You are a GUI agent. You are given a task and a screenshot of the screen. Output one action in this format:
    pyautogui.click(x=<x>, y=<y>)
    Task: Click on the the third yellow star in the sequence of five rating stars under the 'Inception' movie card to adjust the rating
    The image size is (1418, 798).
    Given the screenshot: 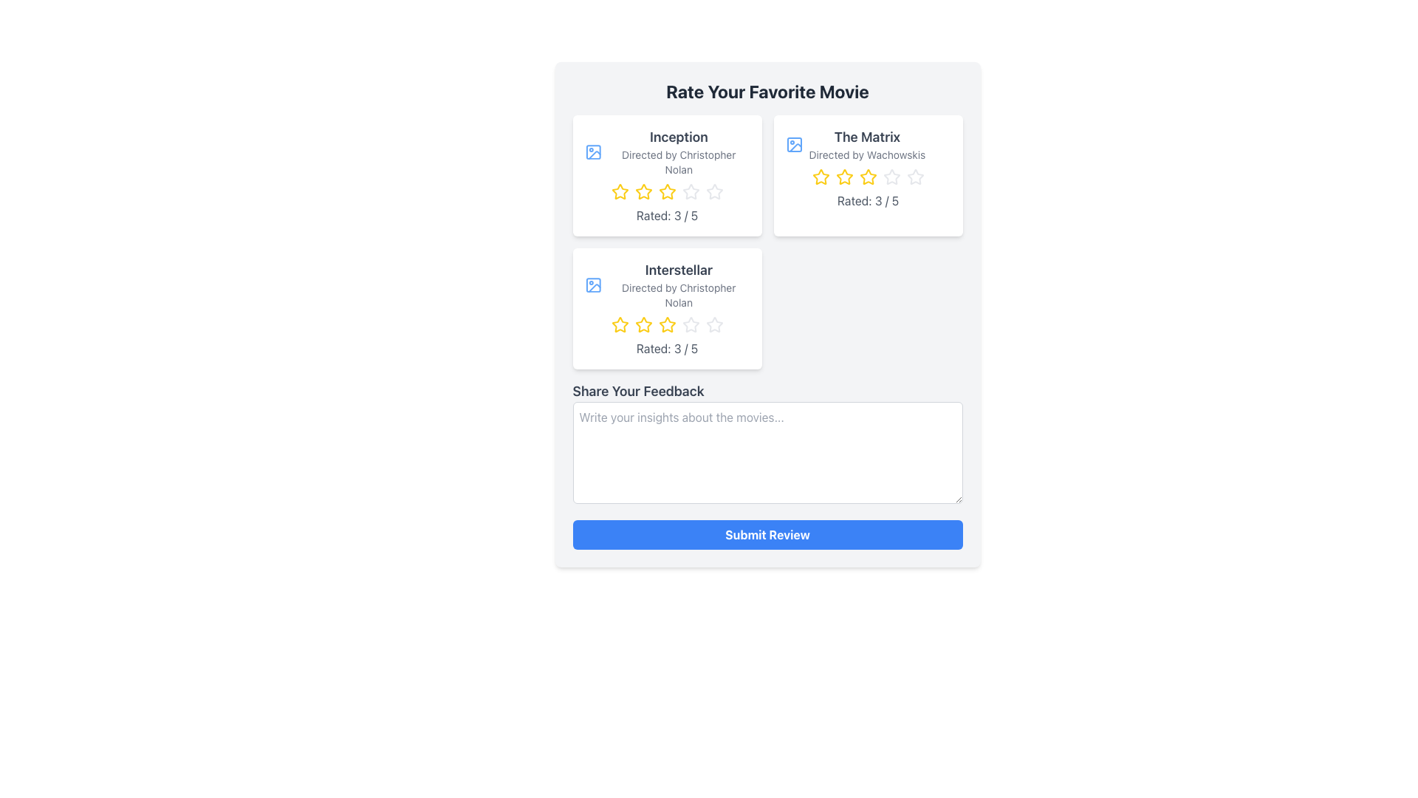 What is the action you would take?
    pyautogui.click(x=666, y=191)
    